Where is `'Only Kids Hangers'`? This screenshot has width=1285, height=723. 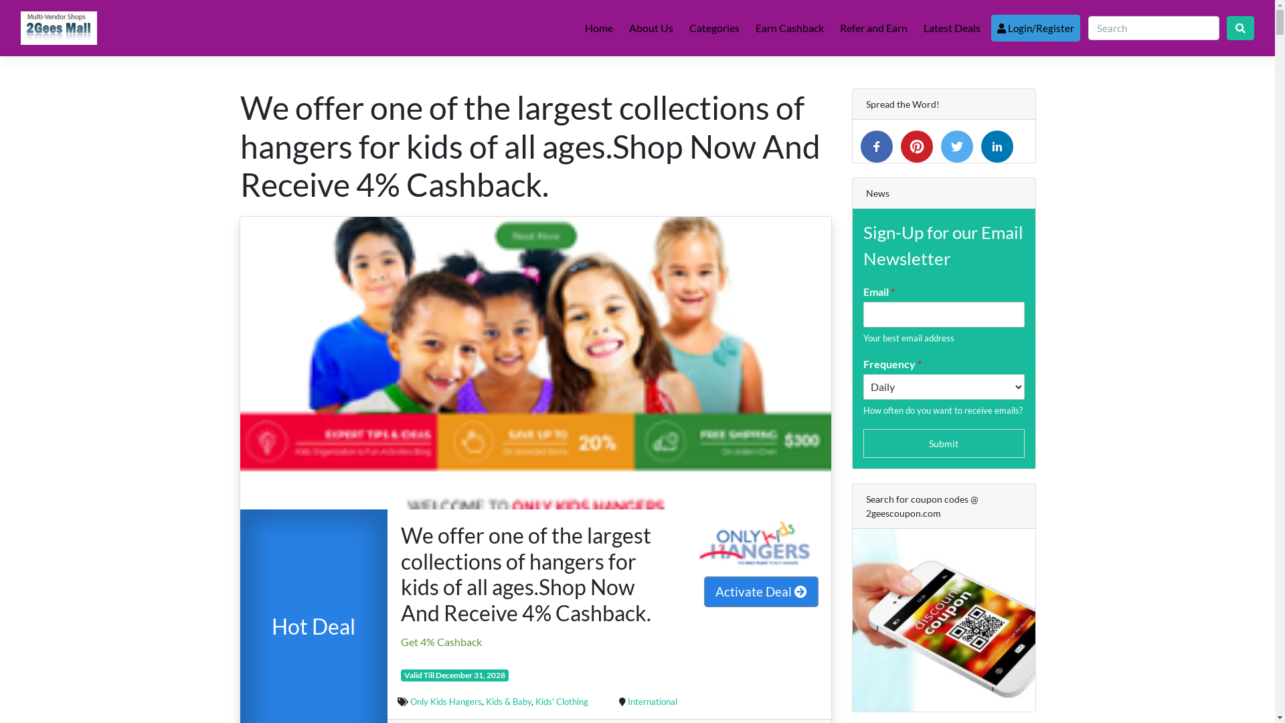 'Only Kids Hangers' is located at coordinates (446, 701).